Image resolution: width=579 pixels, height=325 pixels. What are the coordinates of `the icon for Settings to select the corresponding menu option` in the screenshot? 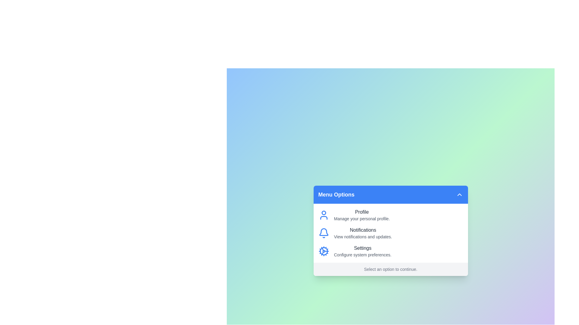 It's located at (323, 251).